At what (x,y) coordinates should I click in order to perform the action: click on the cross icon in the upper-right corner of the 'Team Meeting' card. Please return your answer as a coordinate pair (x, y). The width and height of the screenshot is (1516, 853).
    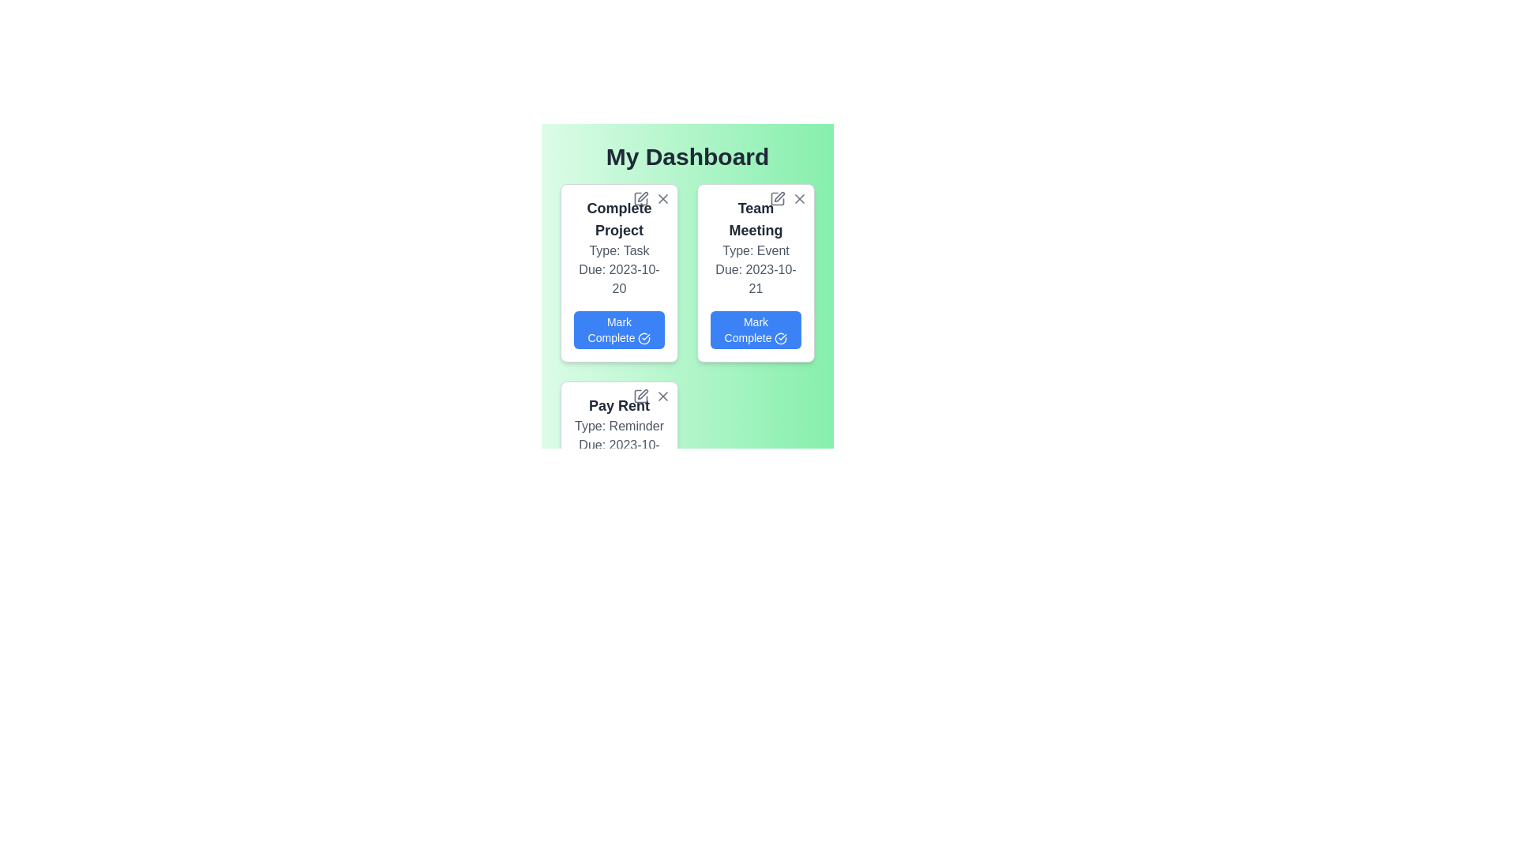
    Looking at the image, I should click on (788, 197).